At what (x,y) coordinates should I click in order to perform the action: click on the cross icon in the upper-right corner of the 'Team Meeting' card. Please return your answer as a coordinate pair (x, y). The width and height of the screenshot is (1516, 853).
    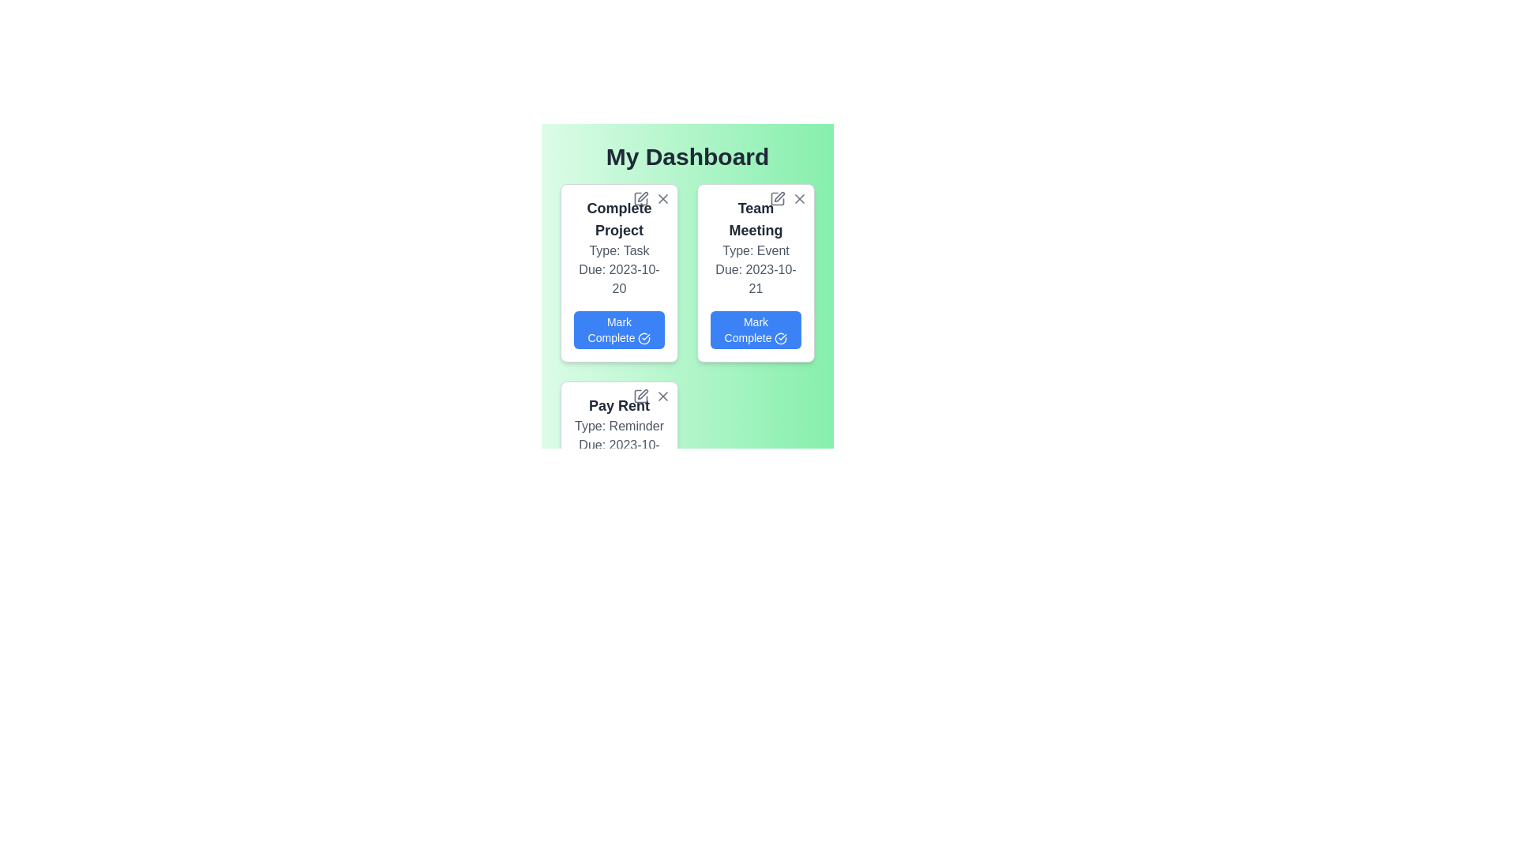
    Looking at the image, I should click on (788, 197).